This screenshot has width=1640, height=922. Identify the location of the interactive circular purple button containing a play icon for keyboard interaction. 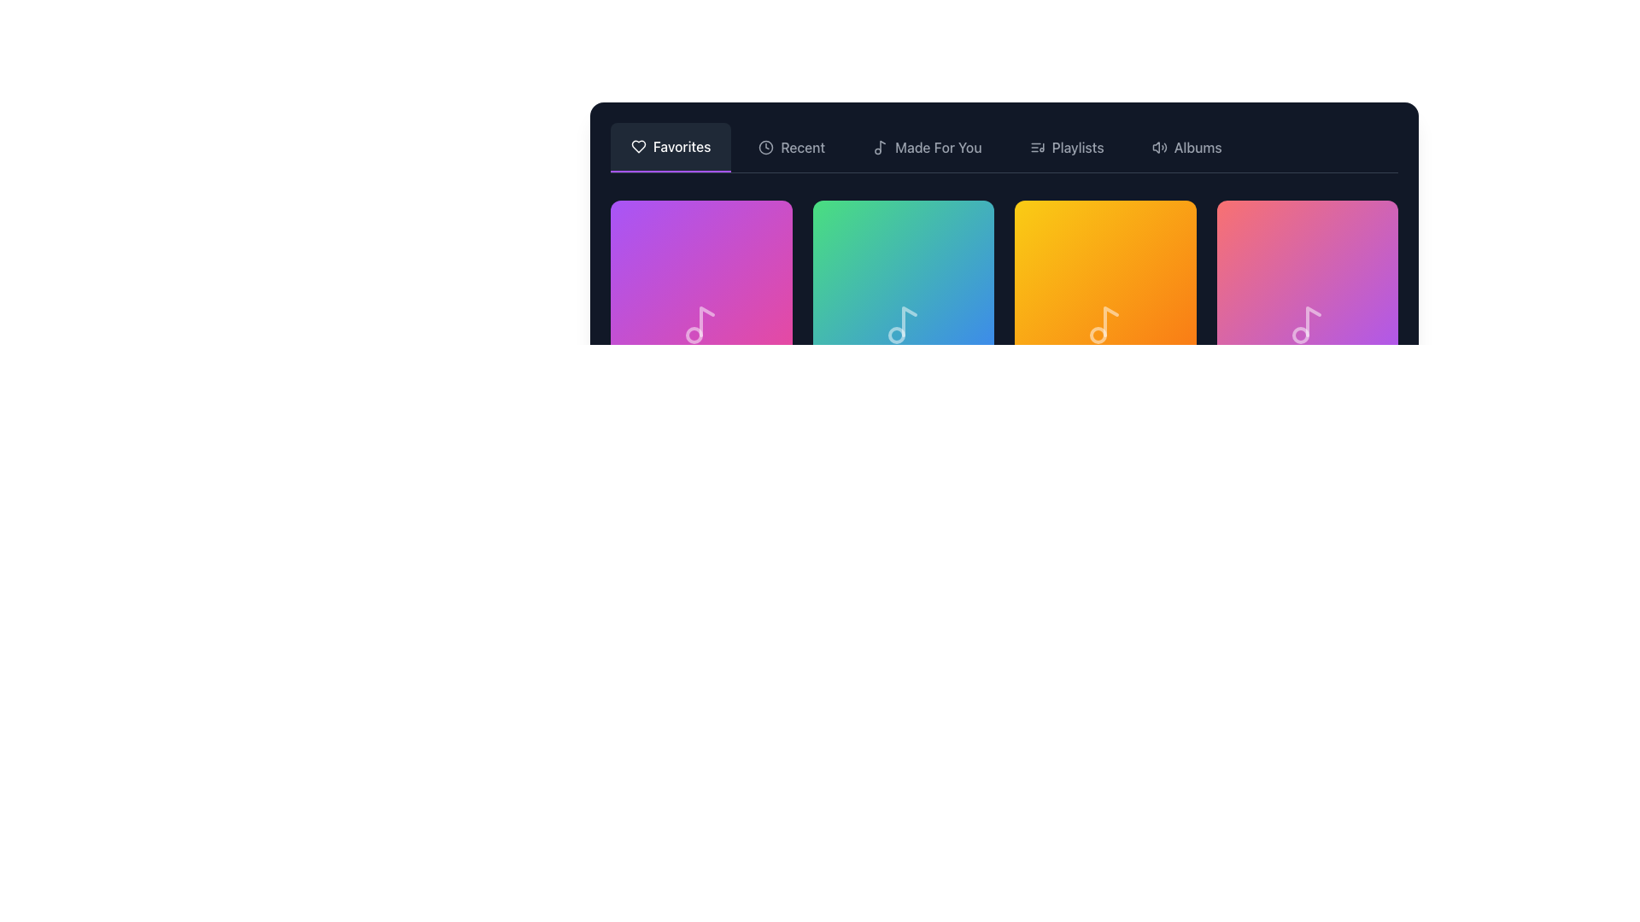
(1105, 329).